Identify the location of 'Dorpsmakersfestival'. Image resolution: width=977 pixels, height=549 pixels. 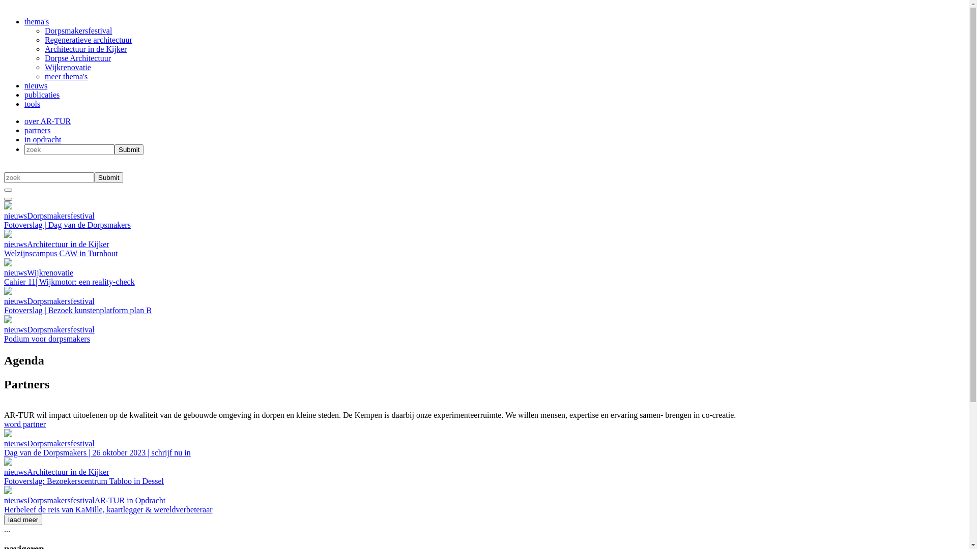
(77, 30).